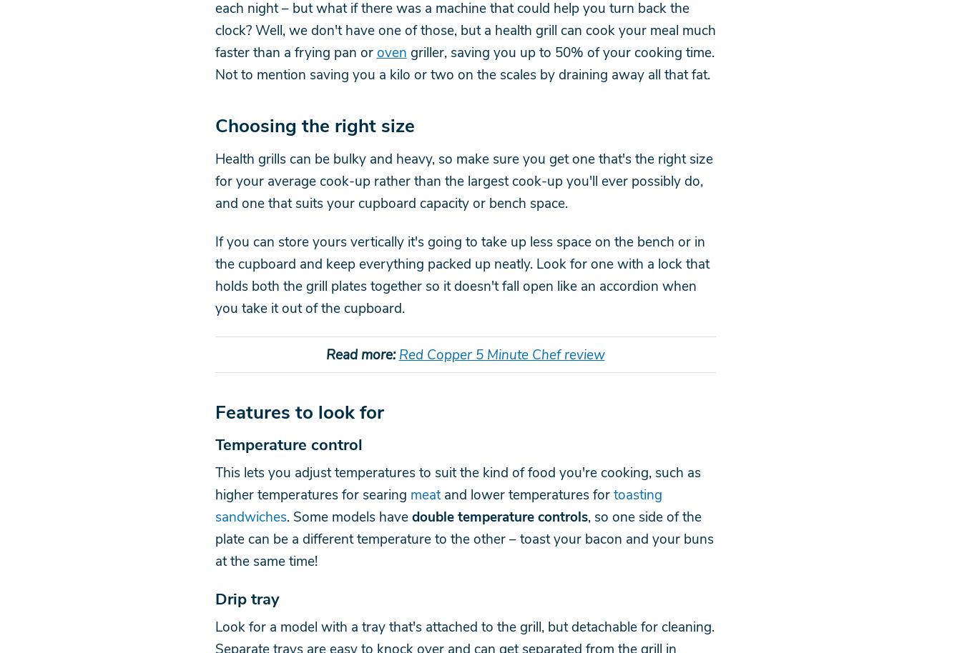 Image resolution: width=977 pixels, height=653 pixels. I want to click on 'griller, saving you up to 50% of your cooking time. Not to mention saving you a kilo or two on the scales by draining away all that fat.', so click(463, 63).